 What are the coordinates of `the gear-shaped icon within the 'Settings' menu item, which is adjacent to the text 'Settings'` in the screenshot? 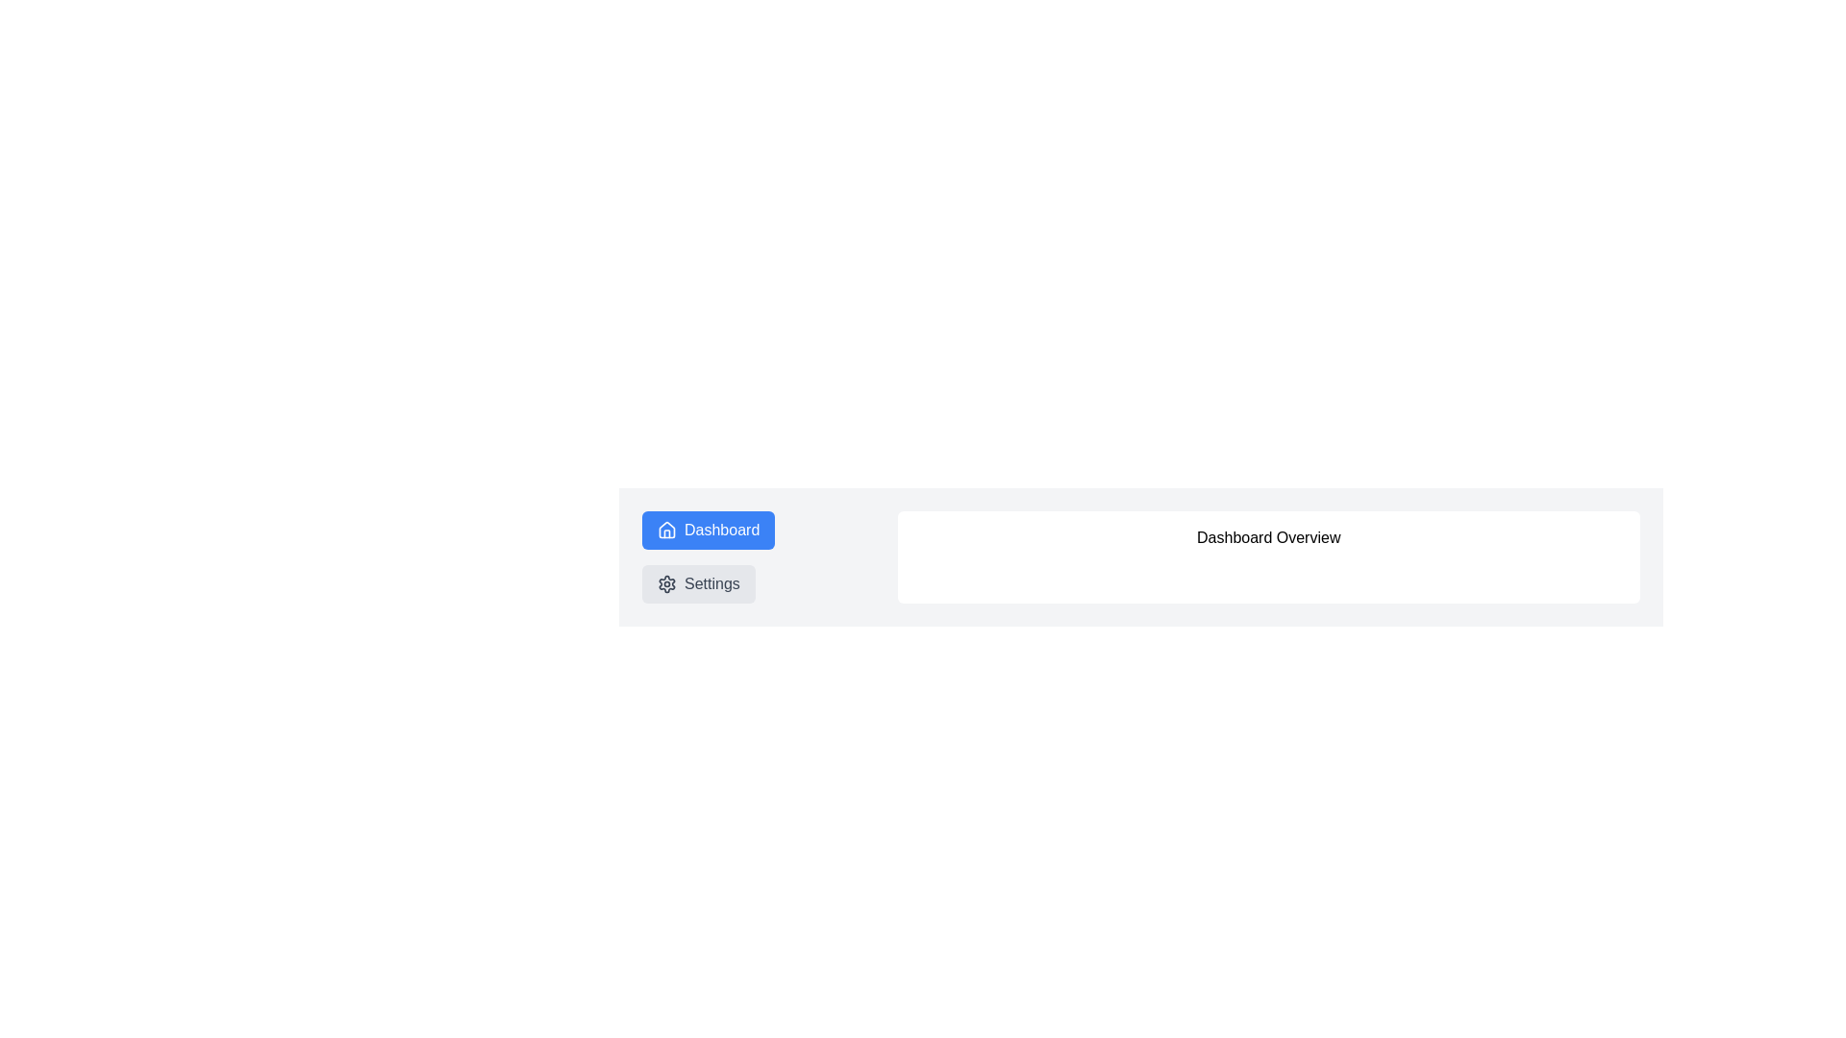 It's located at (667, 583).